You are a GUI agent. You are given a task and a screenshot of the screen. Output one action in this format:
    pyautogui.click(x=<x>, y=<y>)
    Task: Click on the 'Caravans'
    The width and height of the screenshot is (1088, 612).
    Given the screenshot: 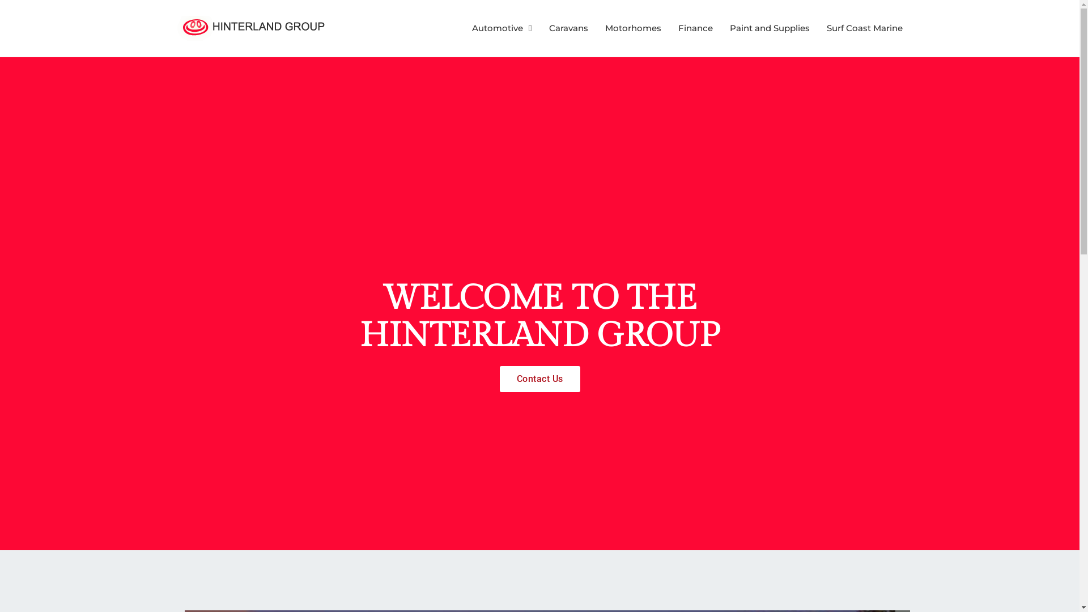 What is the action you would take?
    pyautogui.click(x=568, y=28)
    